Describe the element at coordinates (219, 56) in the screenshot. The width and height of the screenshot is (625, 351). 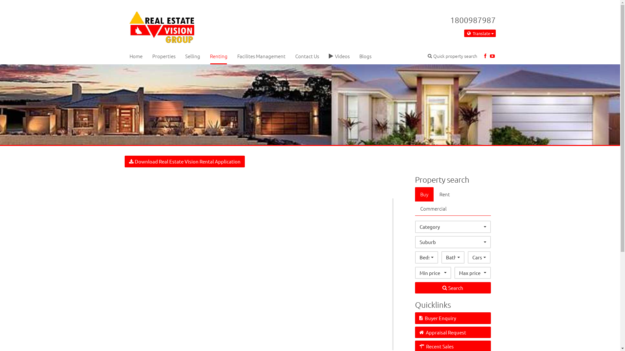
I see `'Renting'` at that location.